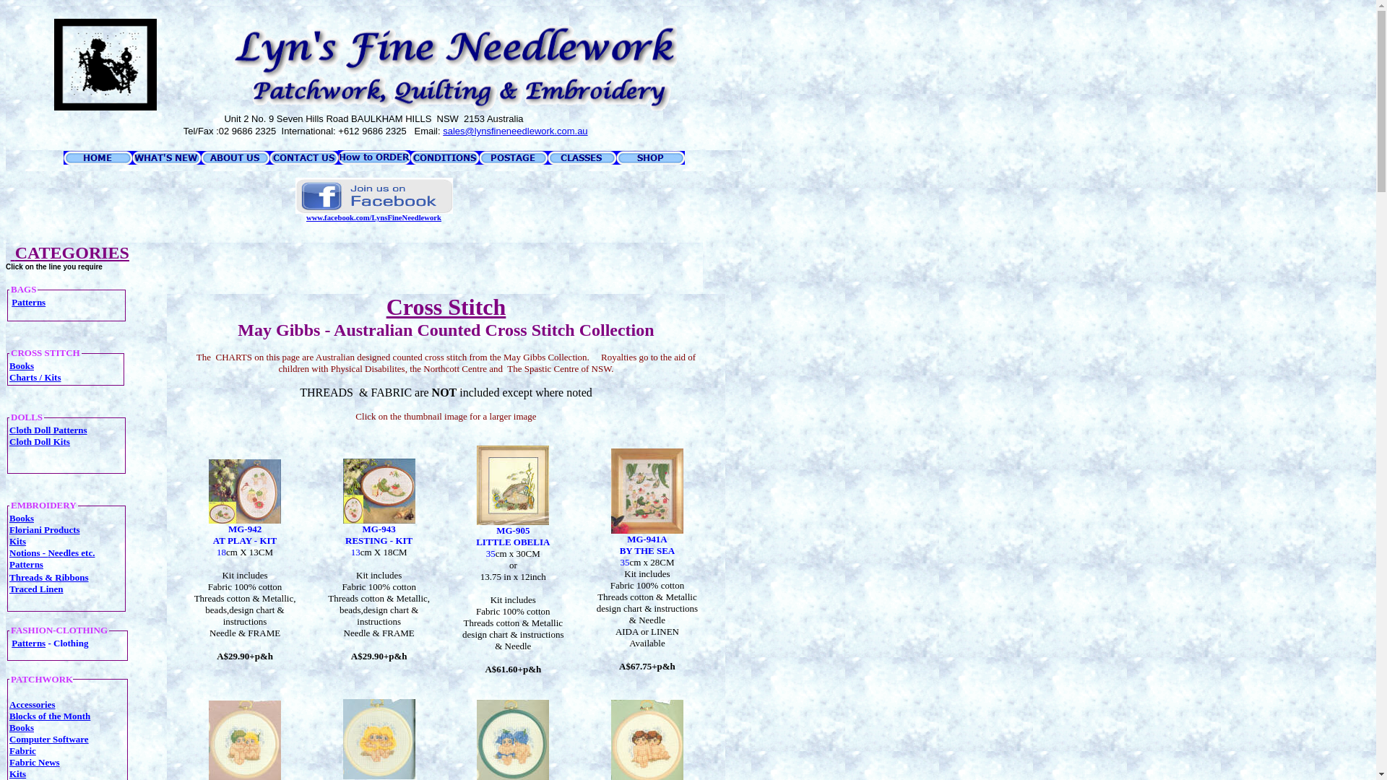  I want to click on 'Notions -', so click(28, 552).